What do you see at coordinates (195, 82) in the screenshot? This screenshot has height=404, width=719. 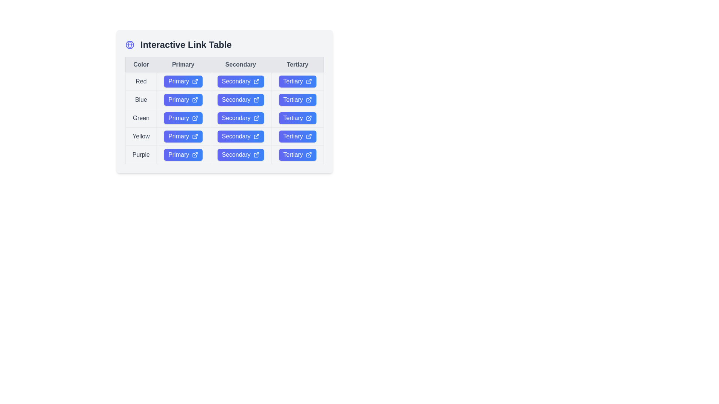 I see `the small external link icon located to the right of the 'Primary' text in the 'Red' button within the first row of the table under the 'Color' header` at bounding box center [195, 82].